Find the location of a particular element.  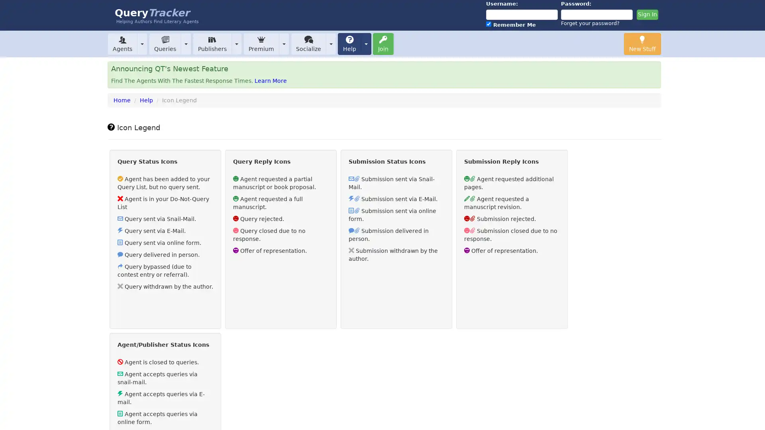

Toggle Dropdown is located at coordinates (142, 43).